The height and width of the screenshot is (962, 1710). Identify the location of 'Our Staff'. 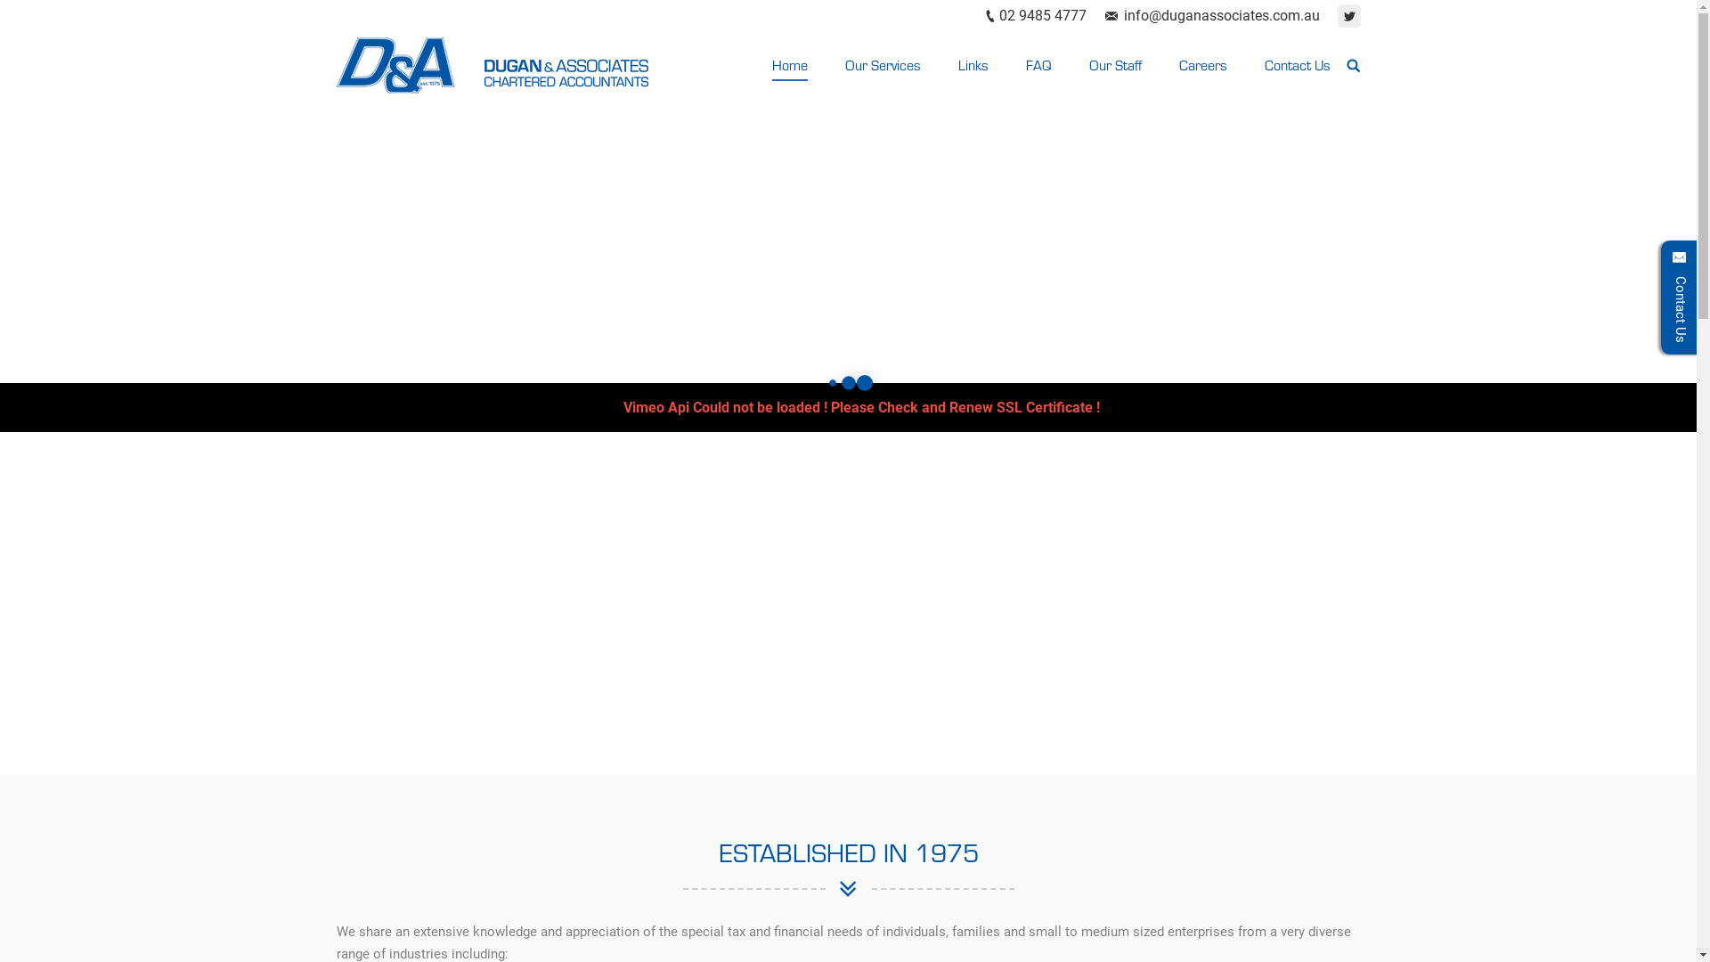
(1115, 64).